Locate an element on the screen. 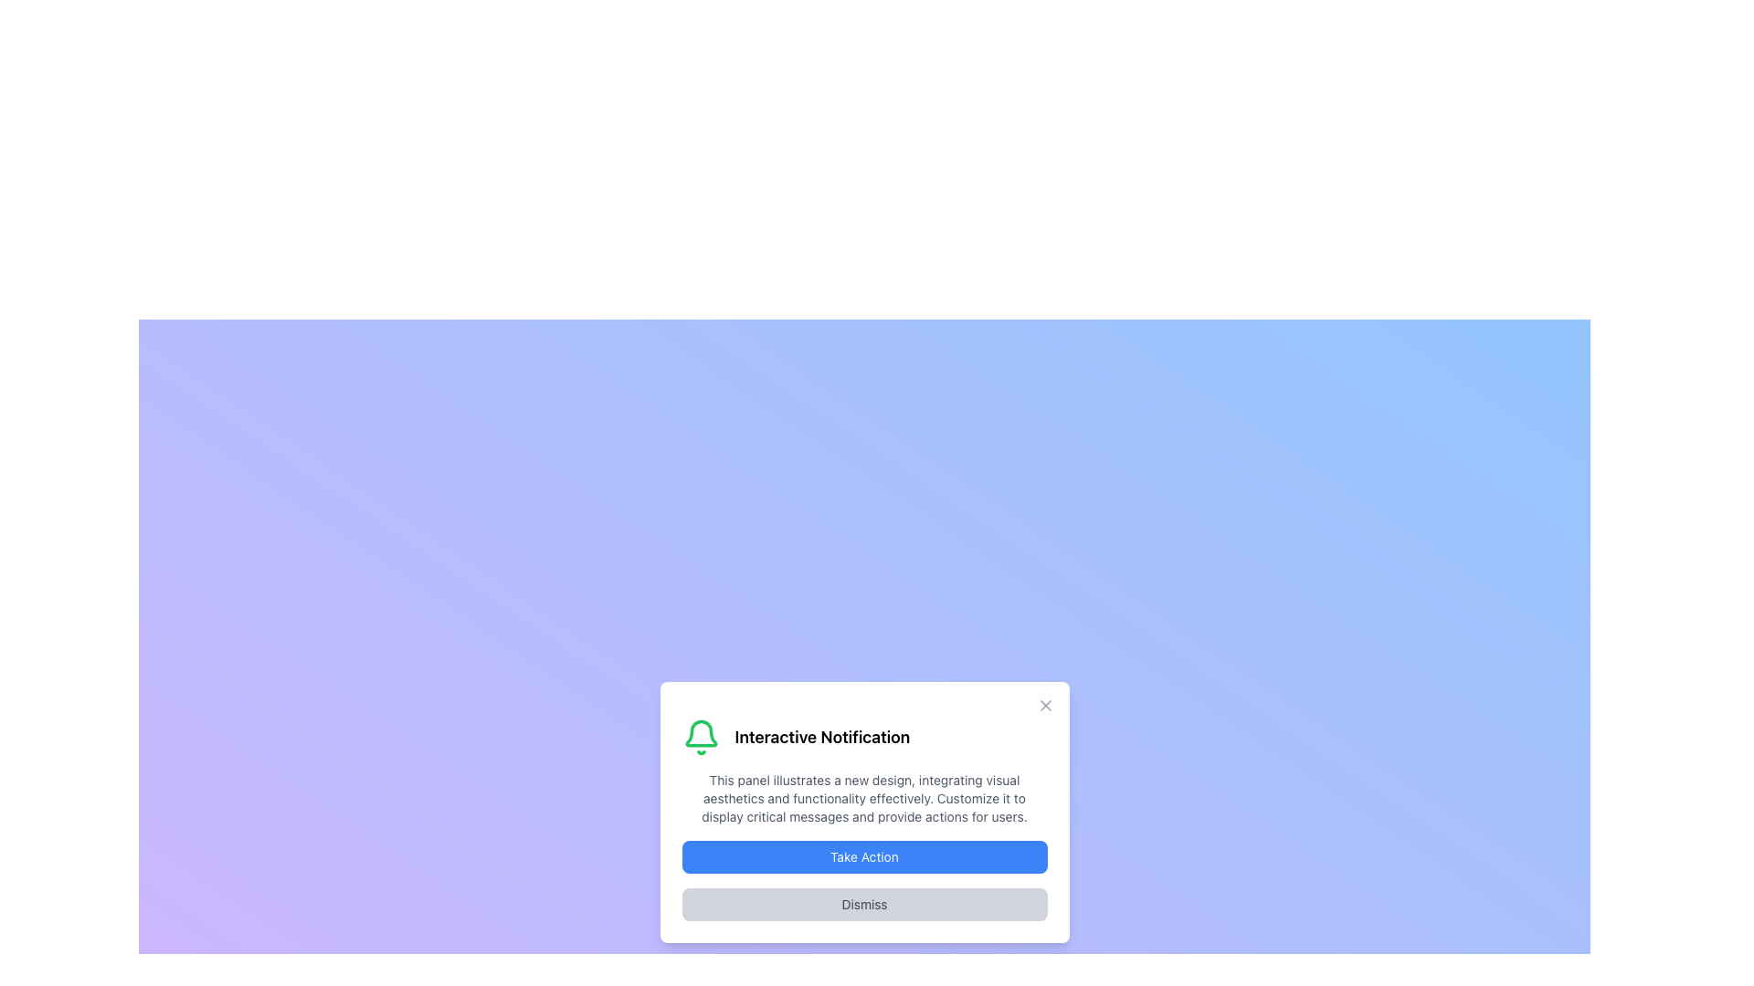 Image resolution: width=1754 pixels, height=986 pixels. text 'Interactive Notification' in the Text with Icon Header that features a green bell icon, located at the top section of the modal window is located at coordinates (863, 736).